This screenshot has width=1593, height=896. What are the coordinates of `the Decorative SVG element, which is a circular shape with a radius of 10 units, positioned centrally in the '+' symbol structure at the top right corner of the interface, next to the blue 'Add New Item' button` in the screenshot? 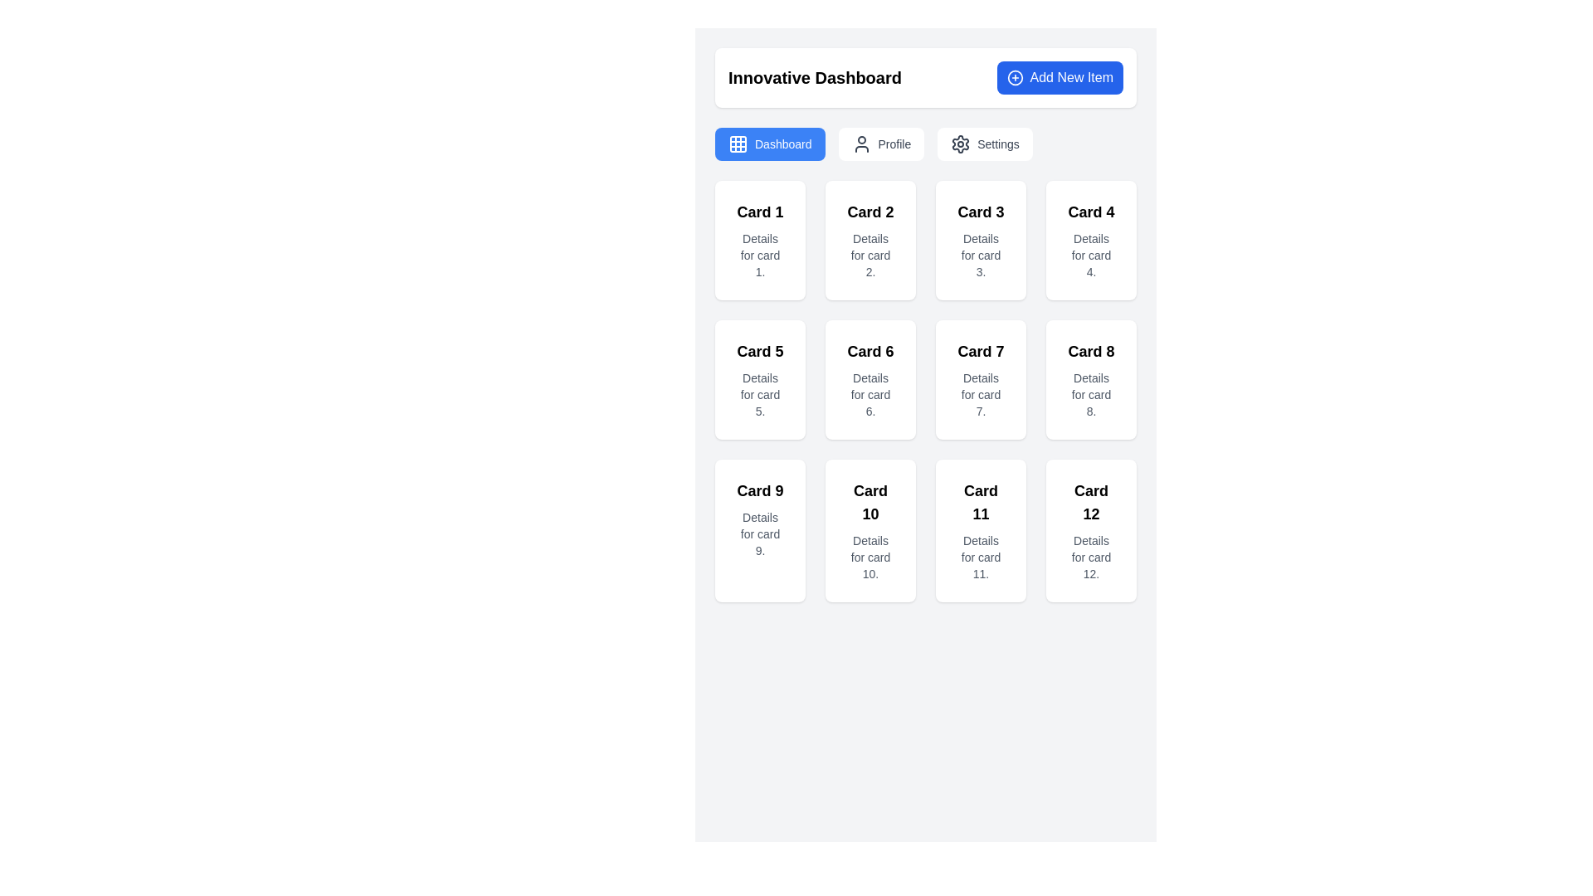 It's located at (1014, 77).